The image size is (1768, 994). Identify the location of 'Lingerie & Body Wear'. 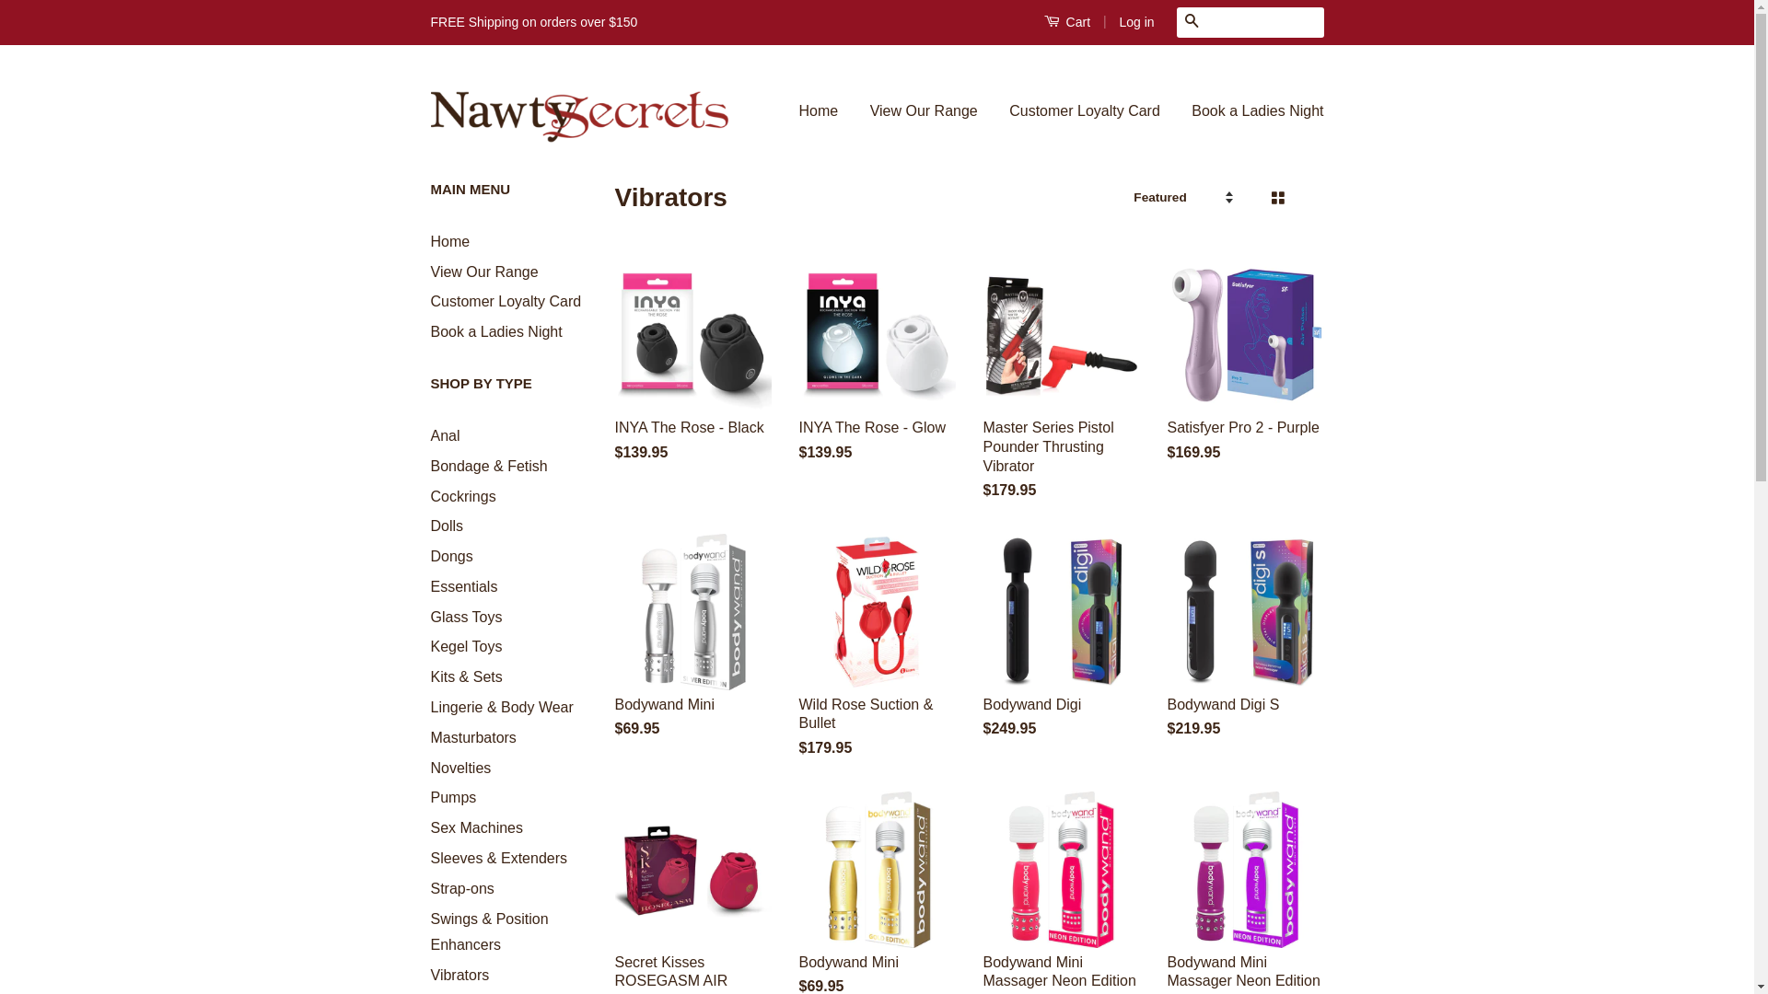
(502, 706).